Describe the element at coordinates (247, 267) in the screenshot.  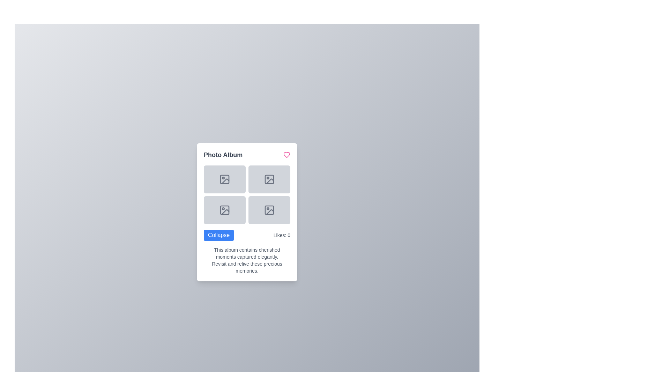
I see `text block that contains the content 'Revisit and relive these precious memories.' located at the bottom section of the 'Photo Album' card interface` at that location.